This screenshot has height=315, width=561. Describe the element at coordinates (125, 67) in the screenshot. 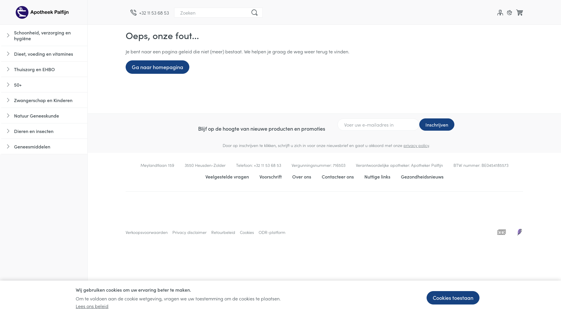

I see `'Ga naar homepagina'` at that location.